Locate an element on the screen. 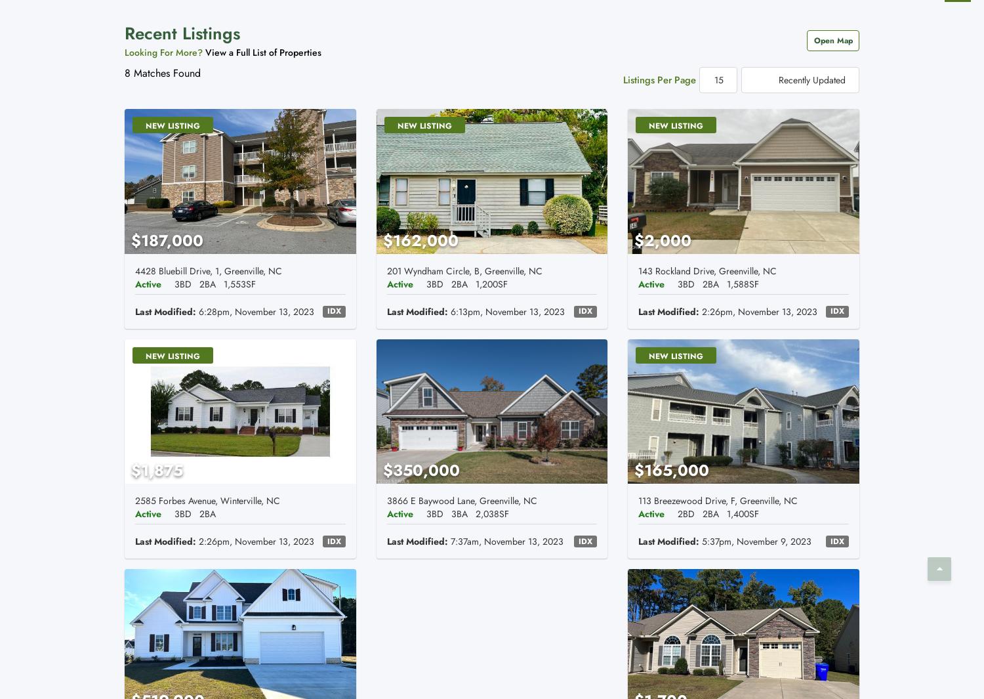  '4428 Bluebill Drive, 1, Greenville, NC' is located at coordinates (134, 270).